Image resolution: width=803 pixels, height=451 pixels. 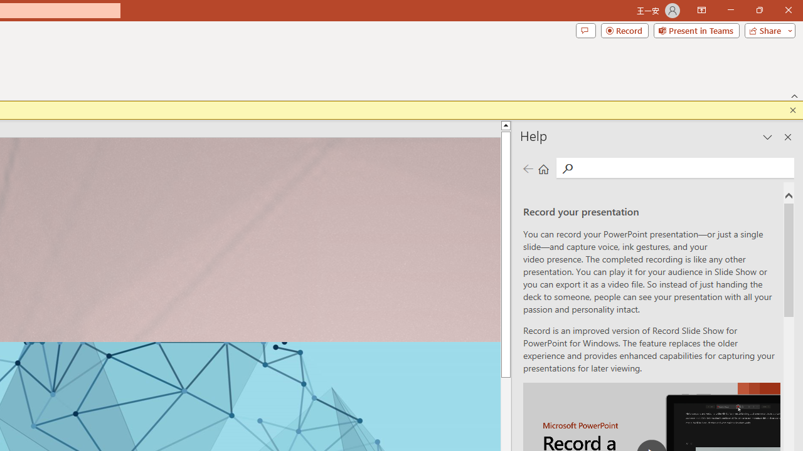 What do you see at coordinates (701, 10) in the screenshot?
I see `'Ribbon Display Options'` at bounding box center [701, 10].